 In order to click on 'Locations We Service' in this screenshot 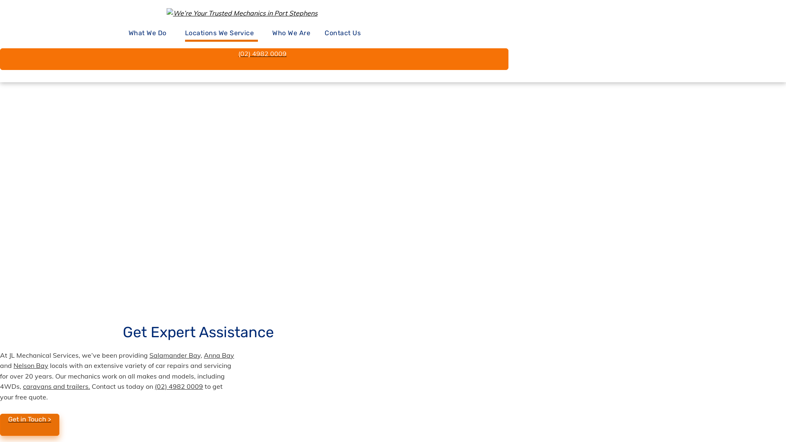, I will do `click(221, 33)`.